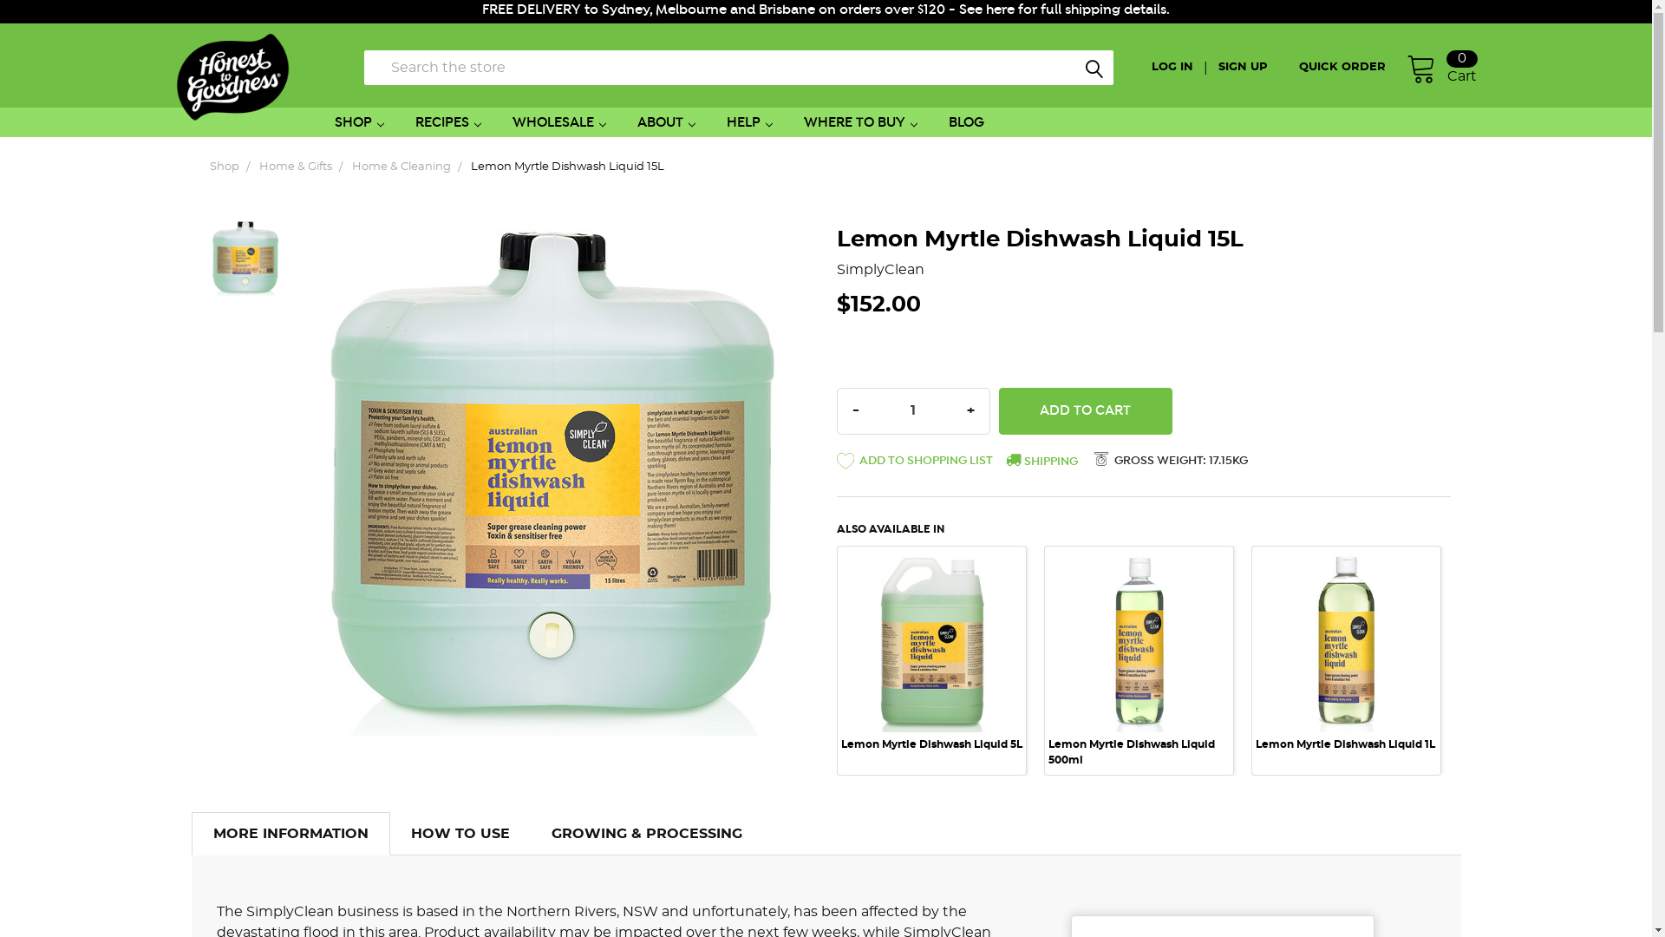 The height and width of the screenshot is (937, 1665). What do you see at coordinates (913, 463) in the screenshot?
I see `'  ADD TO SHOPPING LIST'` at bounding box center [913, 463].